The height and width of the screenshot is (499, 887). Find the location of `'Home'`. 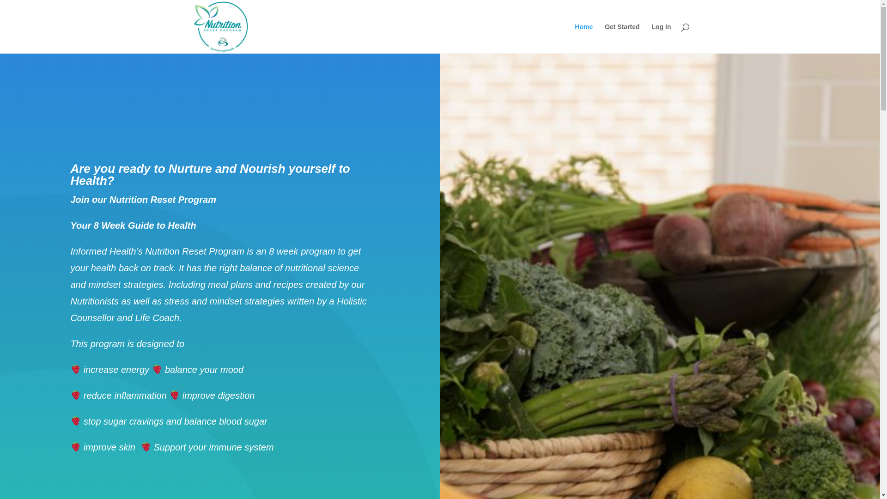

'Home' is located at coordinates (574, 38).